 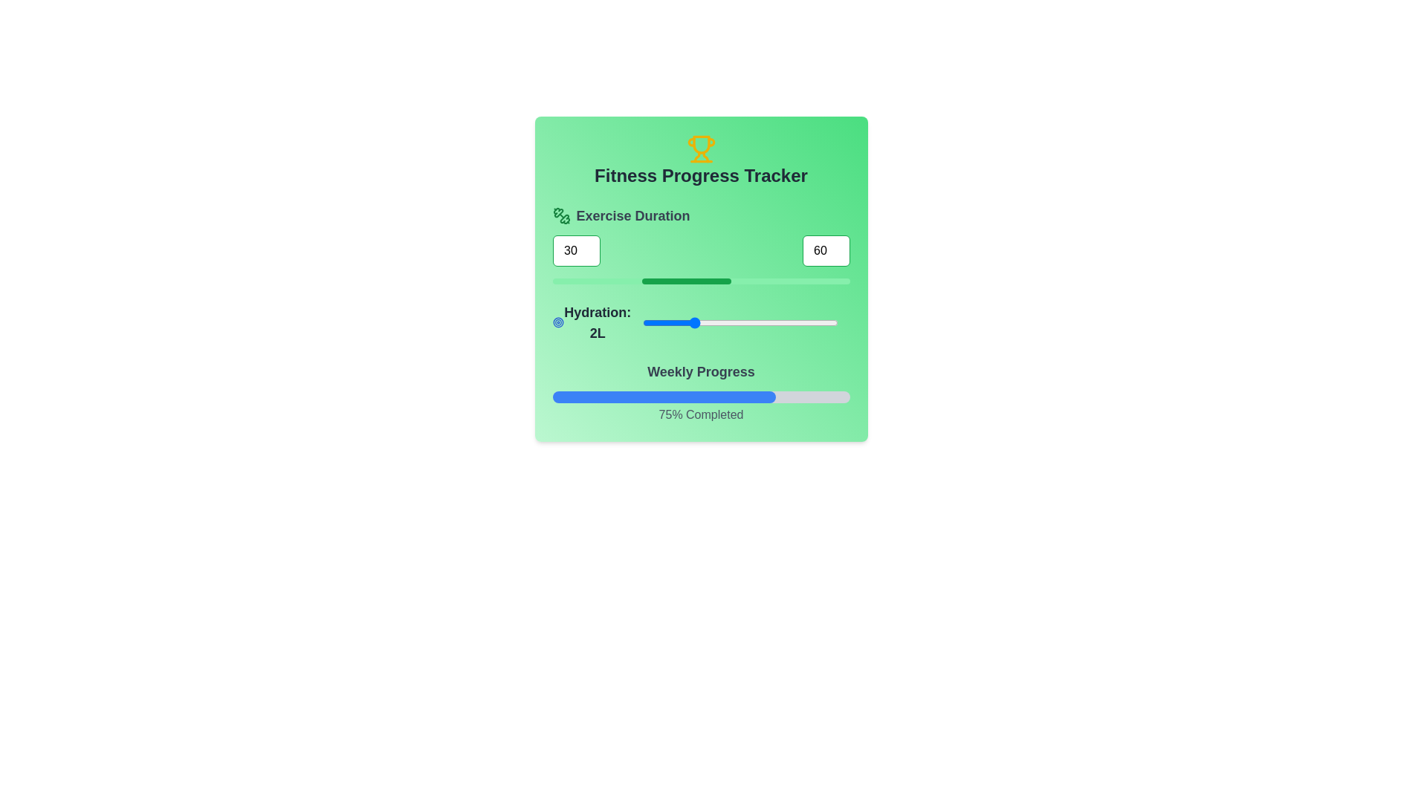 What do you see at coordinates (740, 322) in the screenshot?
I see `the thumb of the hydration range slider located below the 'Hydration: 2L' label` at bounding box center [740, 322].